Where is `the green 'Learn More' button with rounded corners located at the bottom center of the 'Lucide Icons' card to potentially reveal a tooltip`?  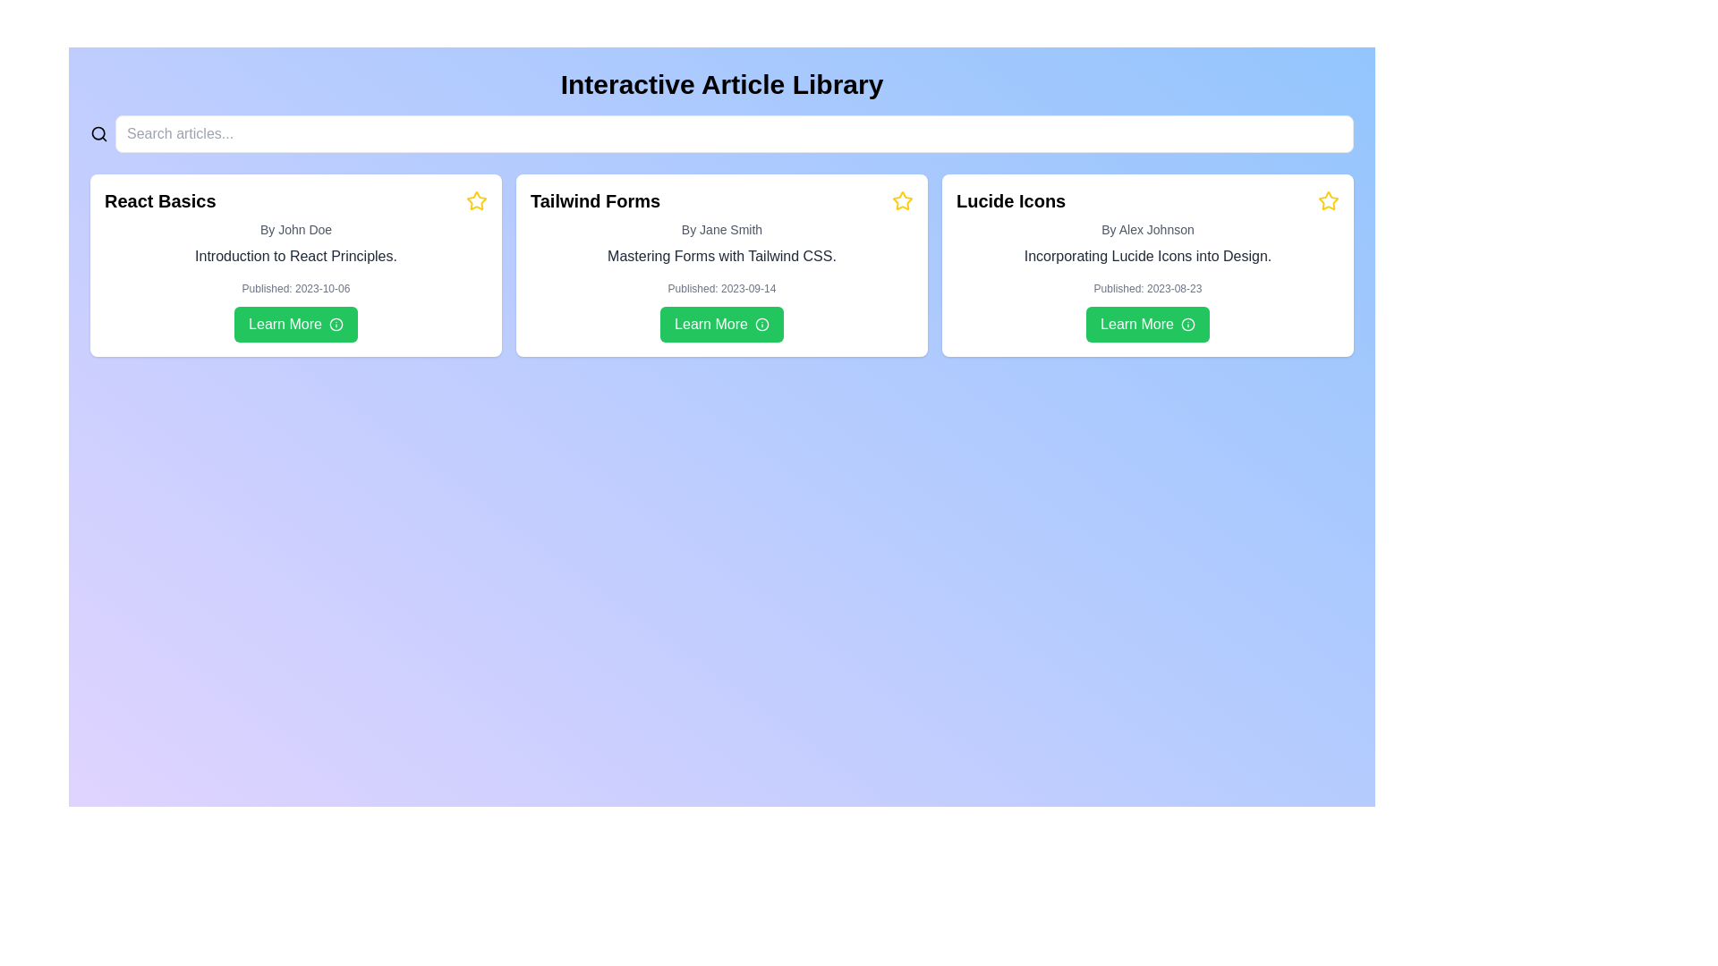
the green 'Learn More' button with rounded corners located at the bottom center of the 'Lucide Icons' card to potentially reveal a tooltip is located at coordinates (1147, 324).